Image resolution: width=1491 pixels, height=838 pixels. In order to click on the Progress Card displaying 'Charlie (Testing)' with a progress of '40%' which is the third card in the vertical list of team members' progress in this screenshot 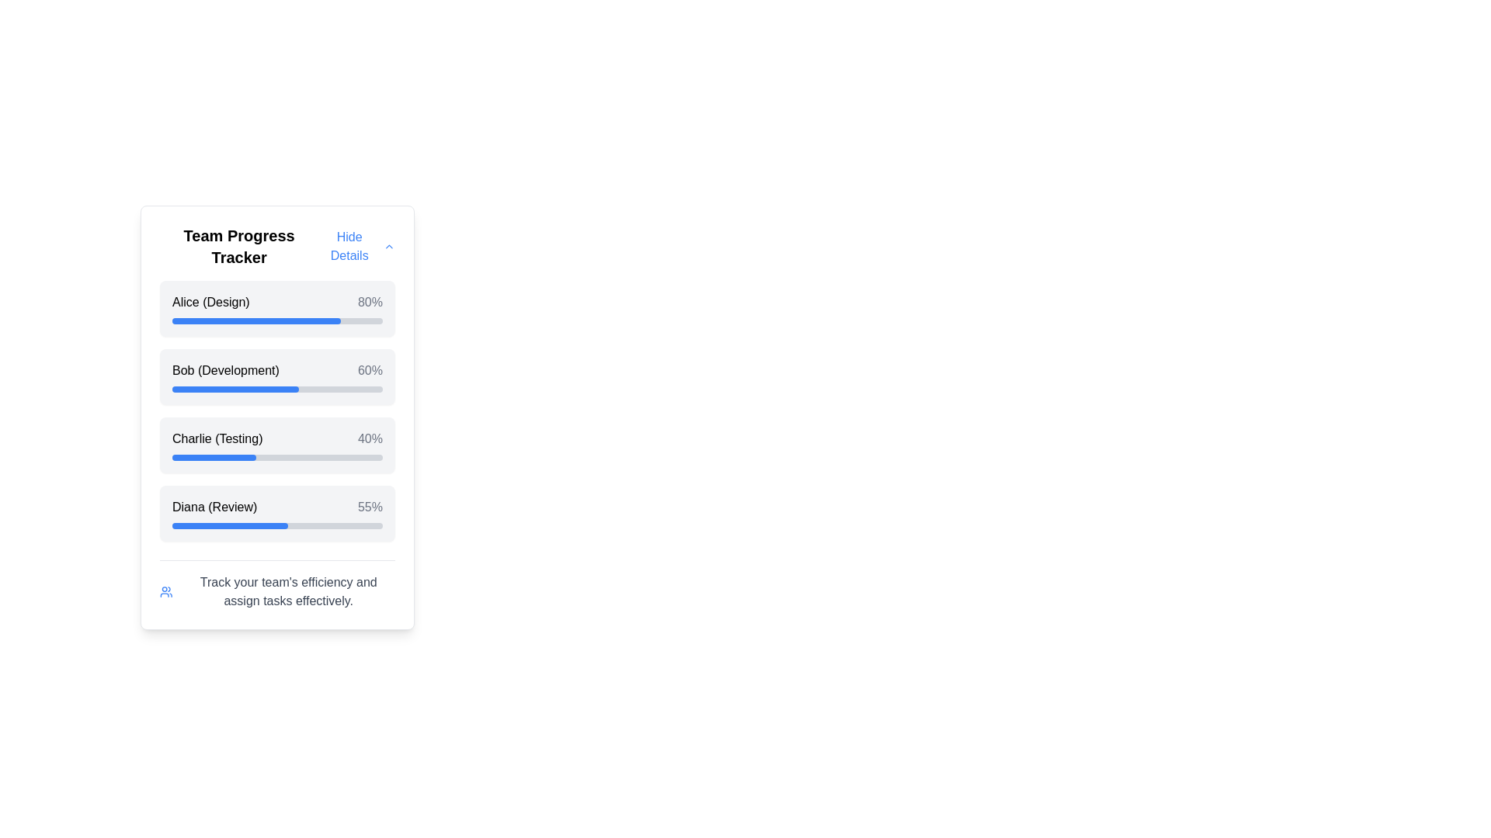, I will do `click(277, 445)`.